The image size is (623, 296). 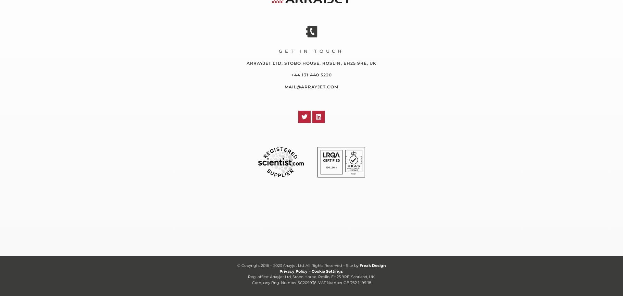 I want to click on 'Company Reg. Number SC209936. VAT Number GB 762 1499 18', so click(x=311, y=282).